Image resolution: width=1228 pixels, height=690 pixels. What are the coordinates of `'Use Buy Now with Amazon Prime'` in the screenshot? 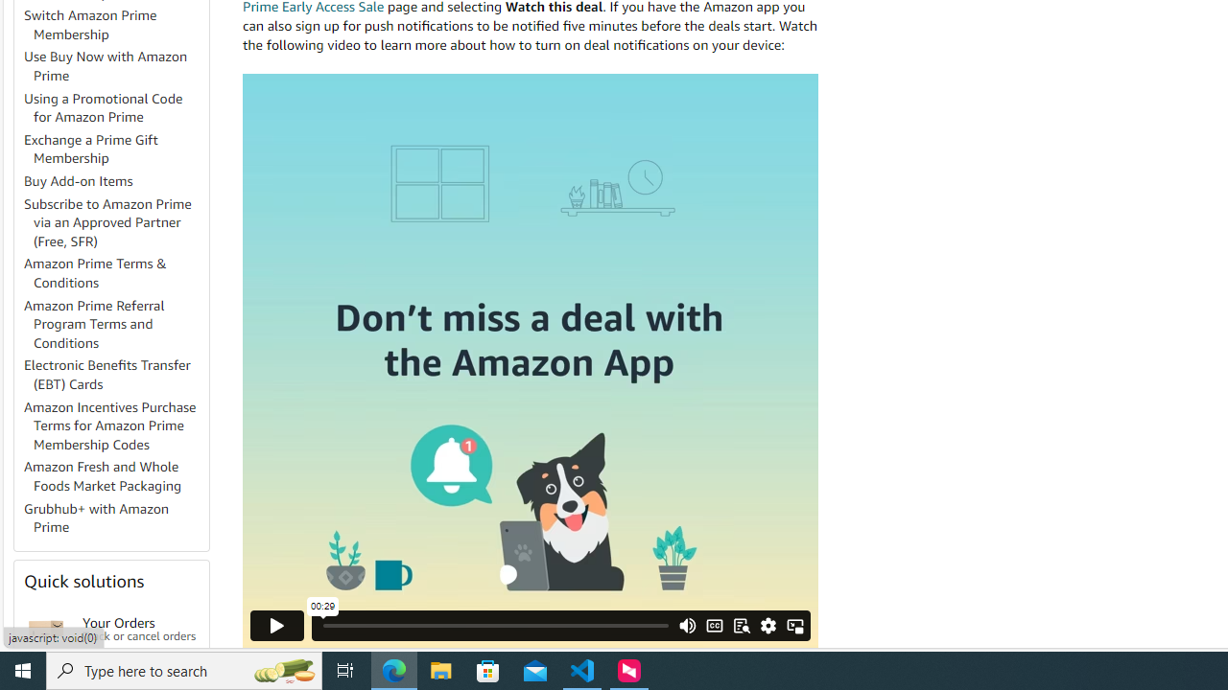 It's located at (114, 65).